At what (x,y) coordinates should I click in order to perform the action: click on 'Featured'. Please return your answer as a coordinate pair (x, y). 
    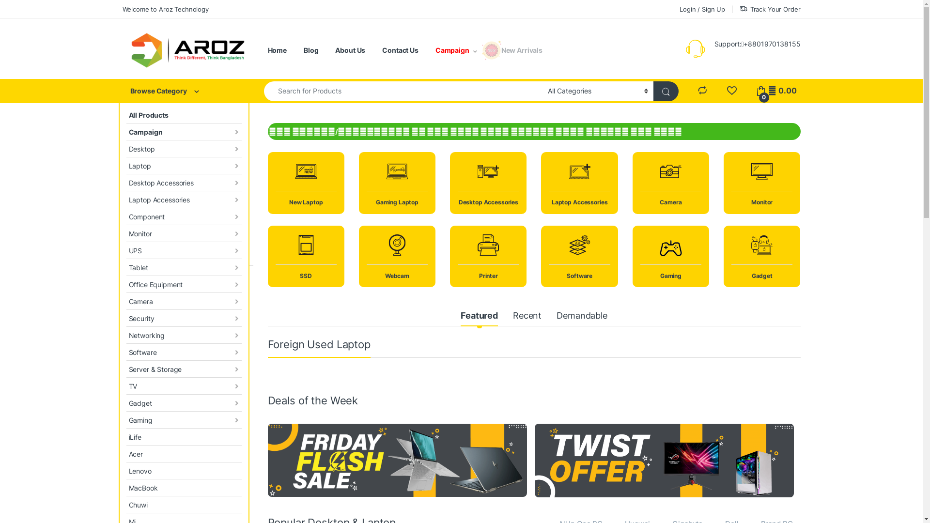
    Looking at the image, I should click on (479, 317).